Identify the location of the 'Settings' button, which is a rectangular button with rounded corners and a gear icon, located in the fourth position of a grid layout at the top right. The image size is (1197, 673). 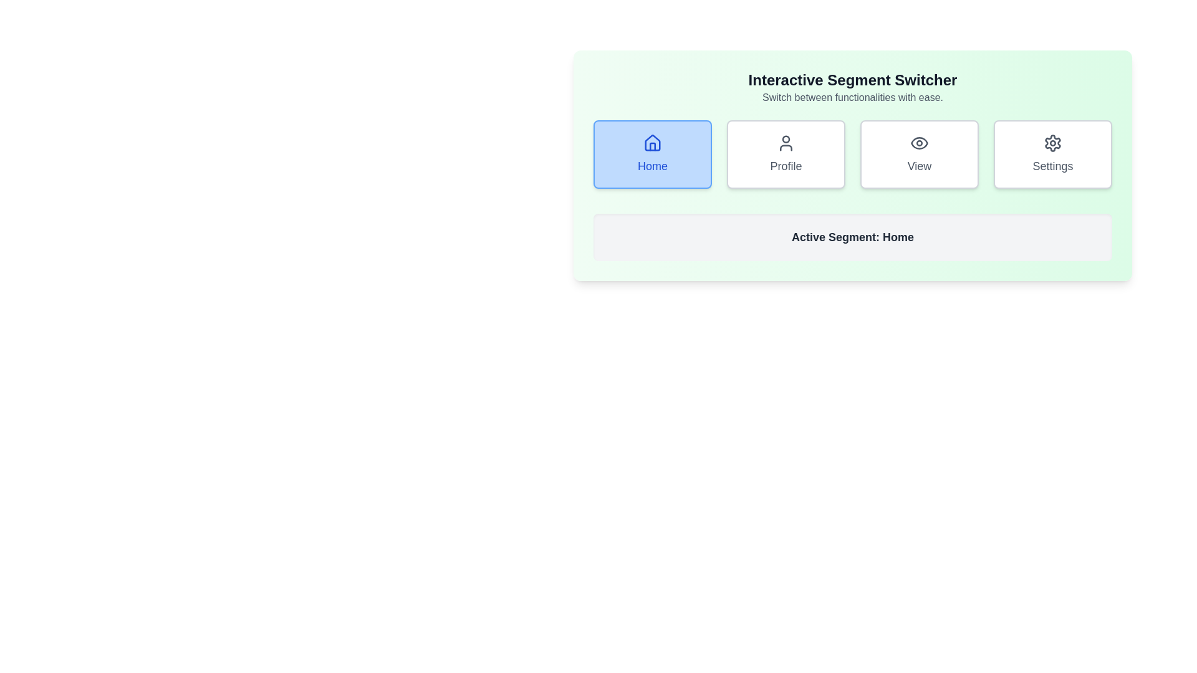
(1052, 153).